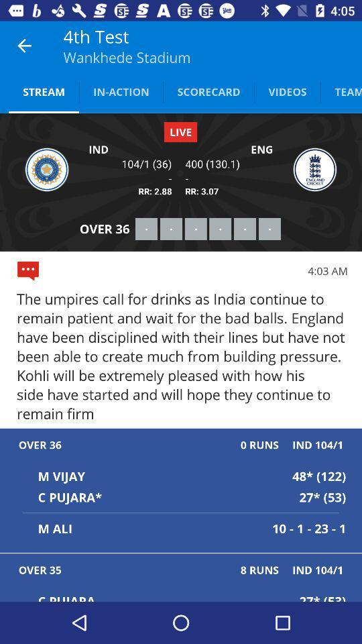 This screenshot has width=362, height=644. Describe the element at coordinates (44, 91) in the screenshot. I see `the stream` at that location.